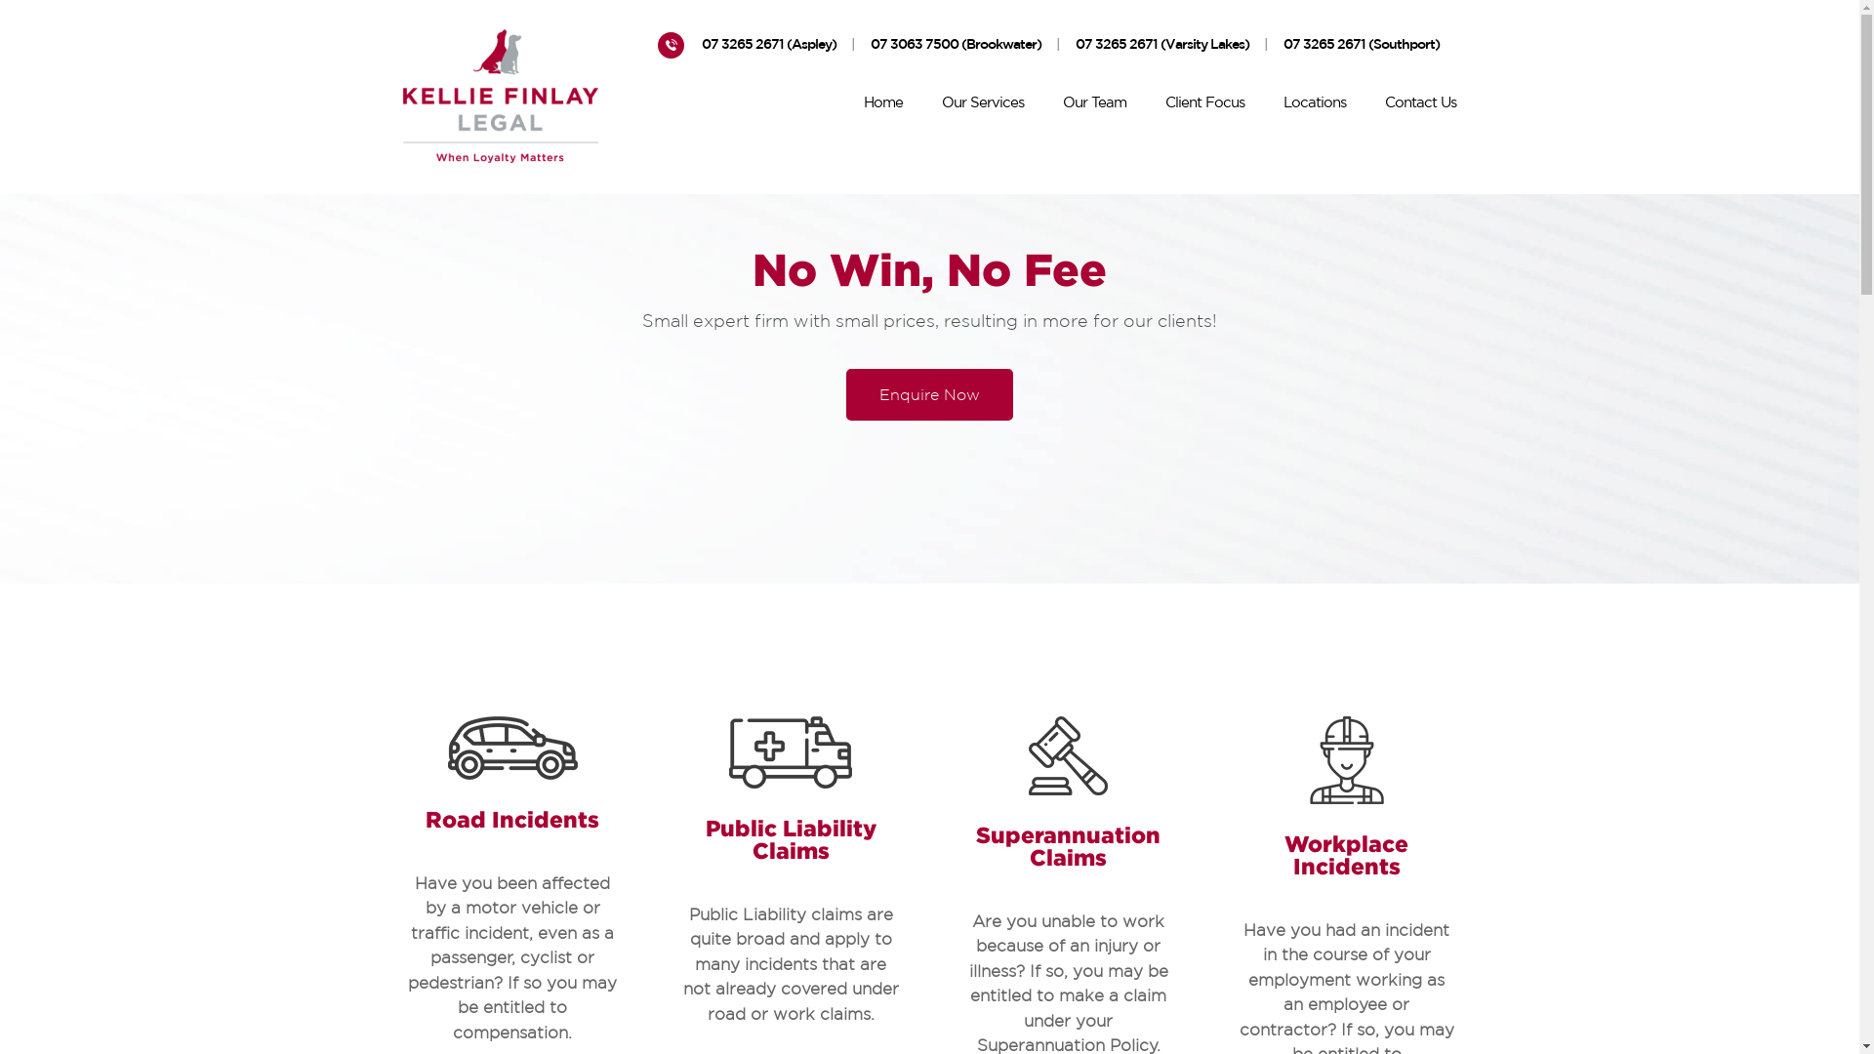 This screenshot has height=1054, width=1874. I want to click on '07 3265 2671 (Aspley)', so click(767, 47).